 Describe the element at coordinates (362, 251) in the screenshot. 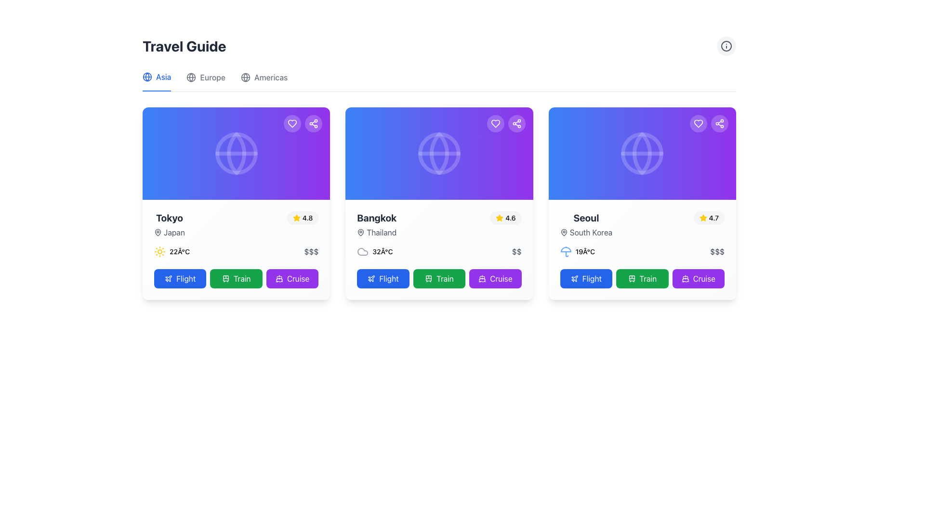

I see `the cloud icon located to the left of the temperature text '32°C' in the weather display section` at that location.